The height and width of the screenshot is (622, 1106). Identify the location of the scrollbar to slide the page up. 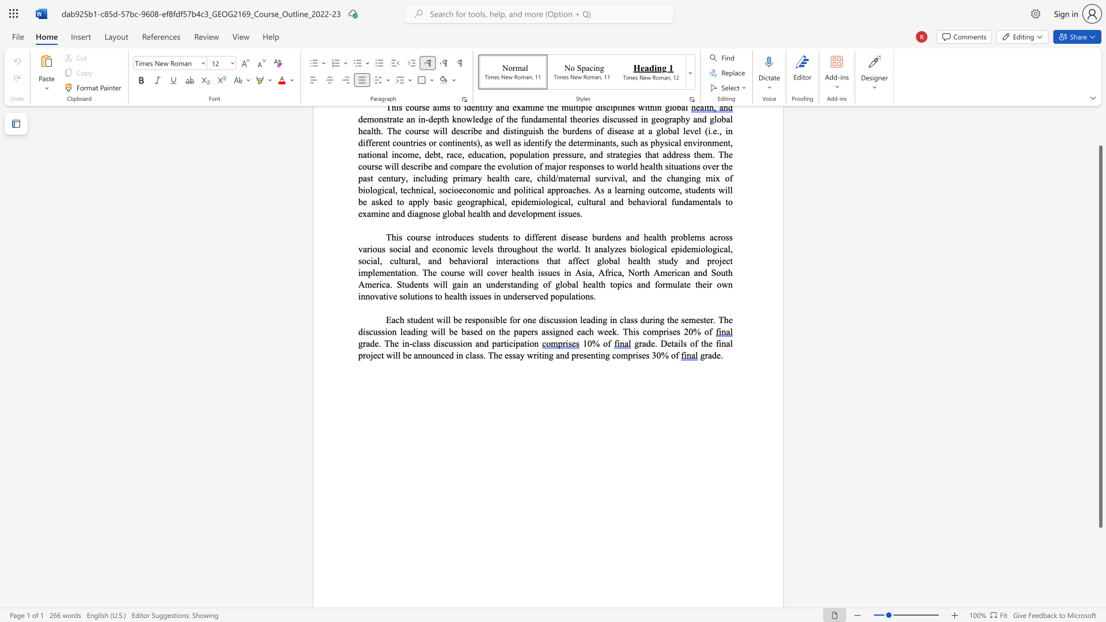
(1100, 132).